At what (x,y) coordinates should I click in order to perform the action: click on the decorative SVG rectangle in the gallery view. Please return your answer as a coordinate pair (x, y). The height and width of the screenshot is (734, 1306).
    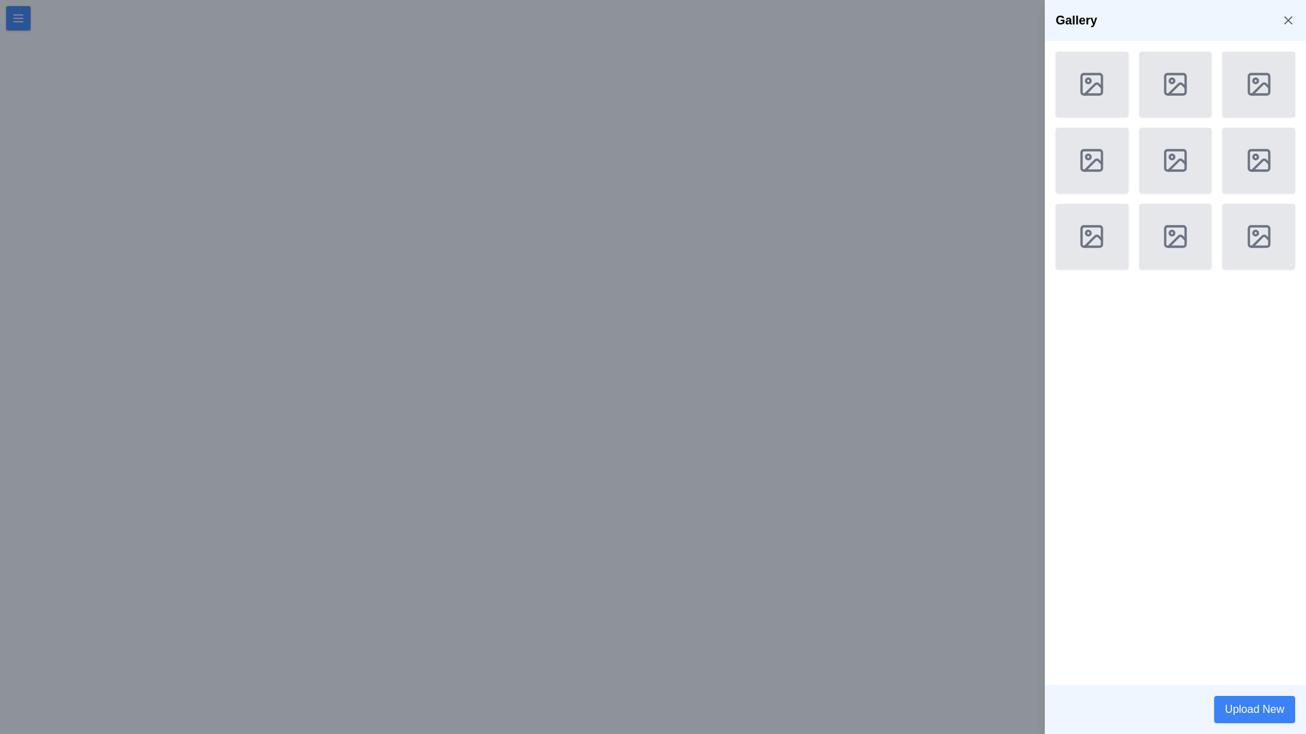
    Looking at the image, I should click on (1092, 159).